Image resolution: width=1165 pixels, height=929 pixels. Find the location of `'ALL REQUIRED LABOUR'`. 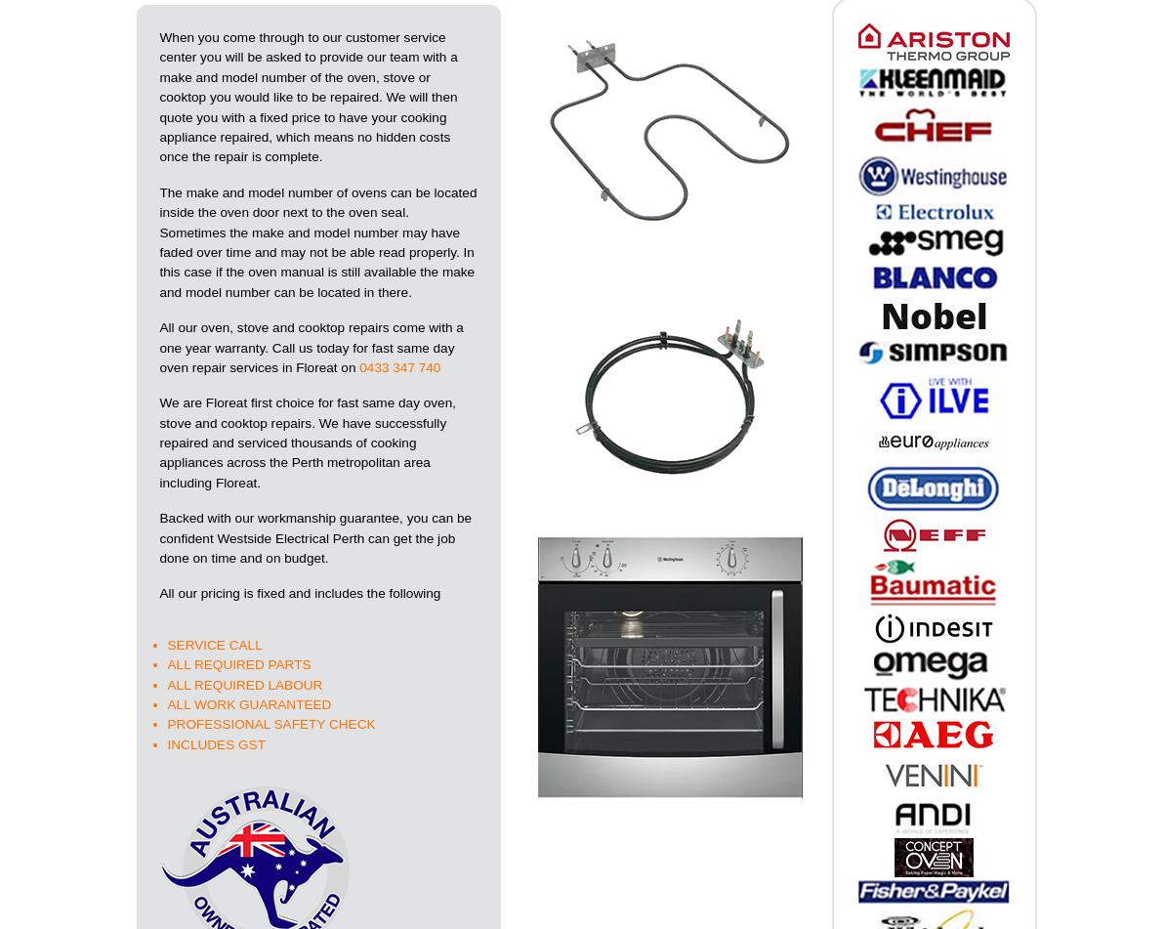

'ALL REQUIRED LABOUR' is located at coordinates (244, 683).